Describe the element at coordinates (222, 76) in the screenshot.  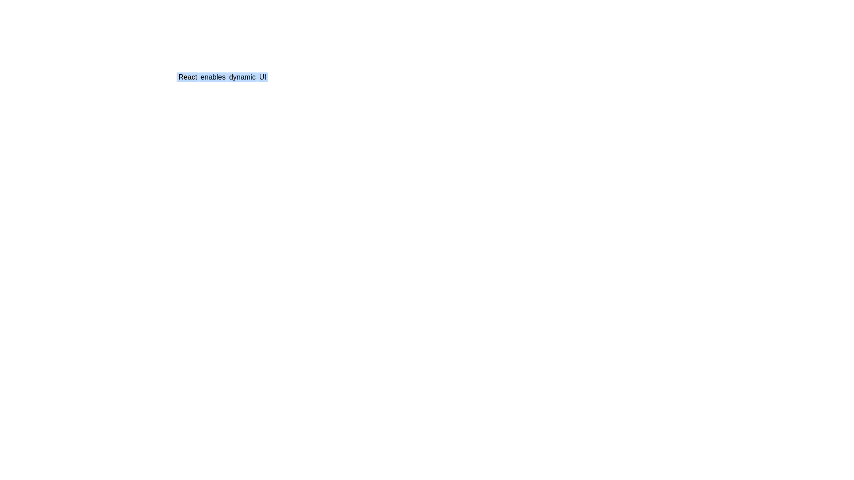
I see `styling details of the text block displaying the phrase 'React enables dynamic UI', which has a blue background and rounded edges, located near the top center of the layout` at that location.